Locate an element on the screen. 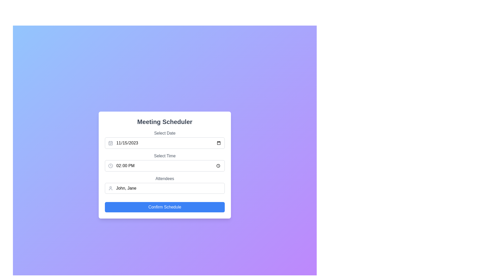  the 'Confirm Schedule' button, which is a rectangular button with rounded corners and a blue background, located at the bottom of the 'Attendees' section is located at coordinates (165, 207).